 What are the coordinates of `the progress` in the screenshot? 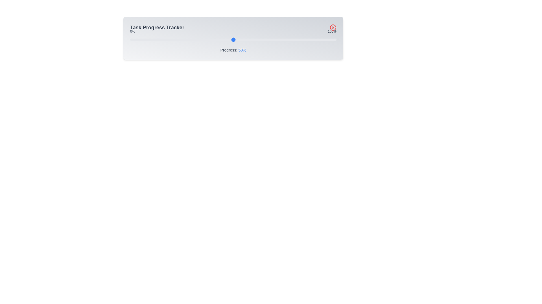 It's located at (303, 39).